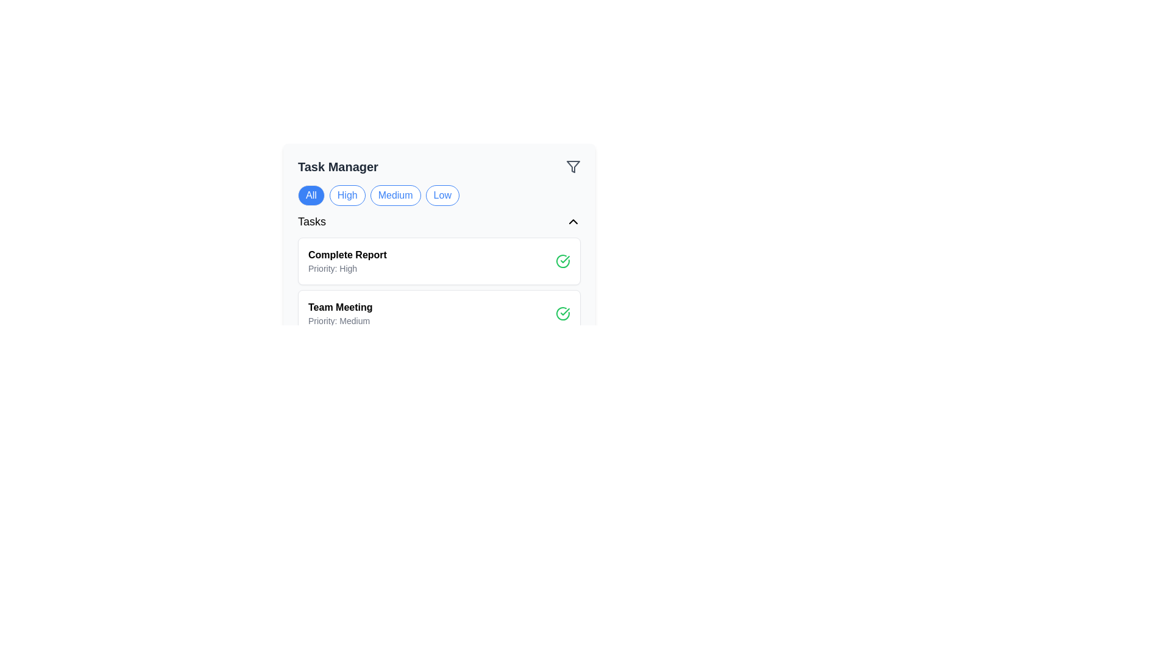 Image resolution: width=1170 pixels, height=658 pixels. I want to click on text label 'Task Manager' that is styled in bold and dark gray, located at the top-left of the task management interface, so click(338, 166).